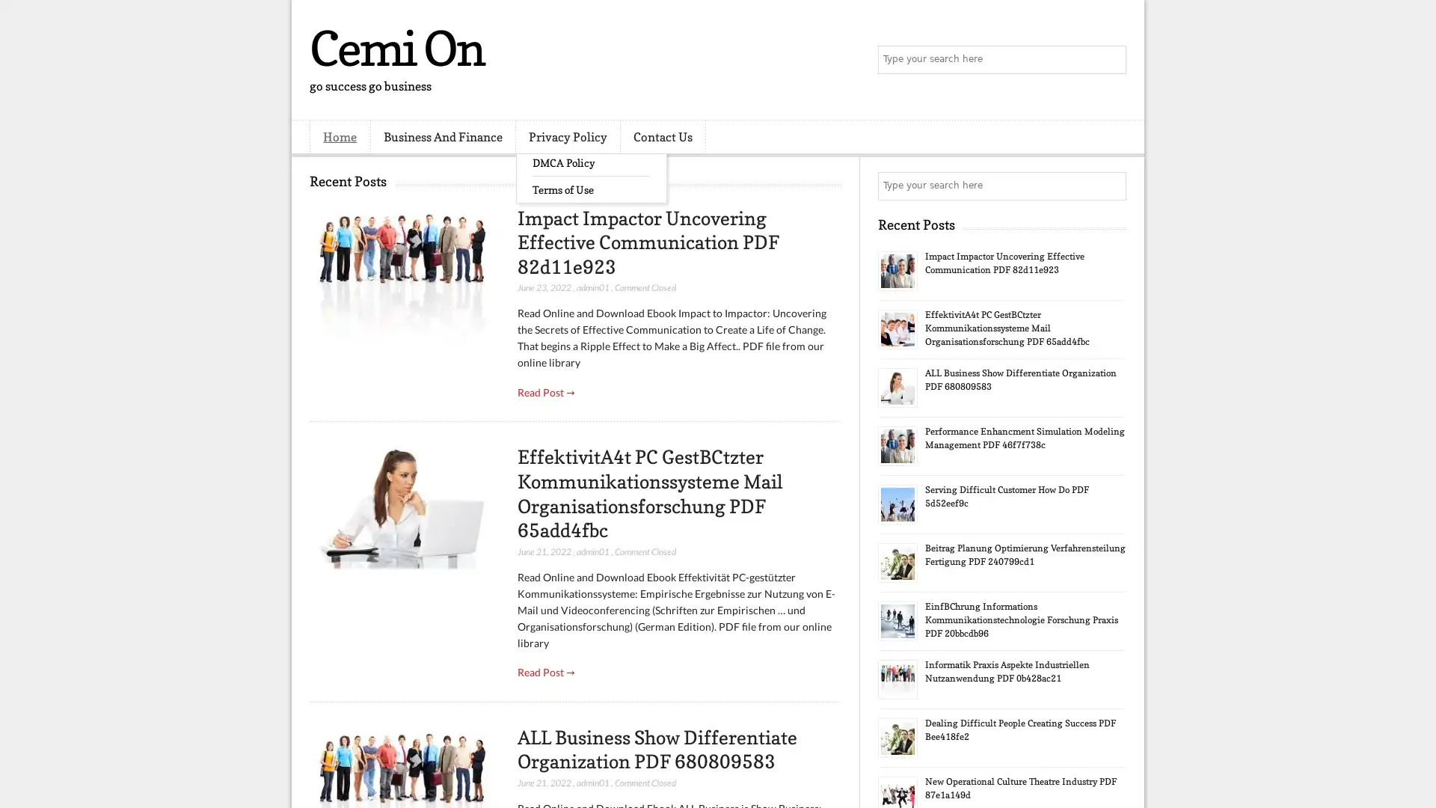 The height and width of the screenshot is (808, 1436). What do you see at coordinates (1111, 60) in the screenshot?
I see `Search` at bounding box center [1111, 60].